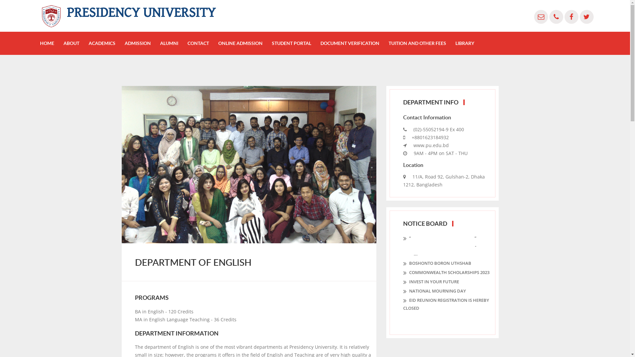 The height and width of the screenshot is (357, 635). What do you see at coordinates (240, 43) in the screenshot?
I see `'ONLINE ADMISSION'` at bounding box center [240, 43].